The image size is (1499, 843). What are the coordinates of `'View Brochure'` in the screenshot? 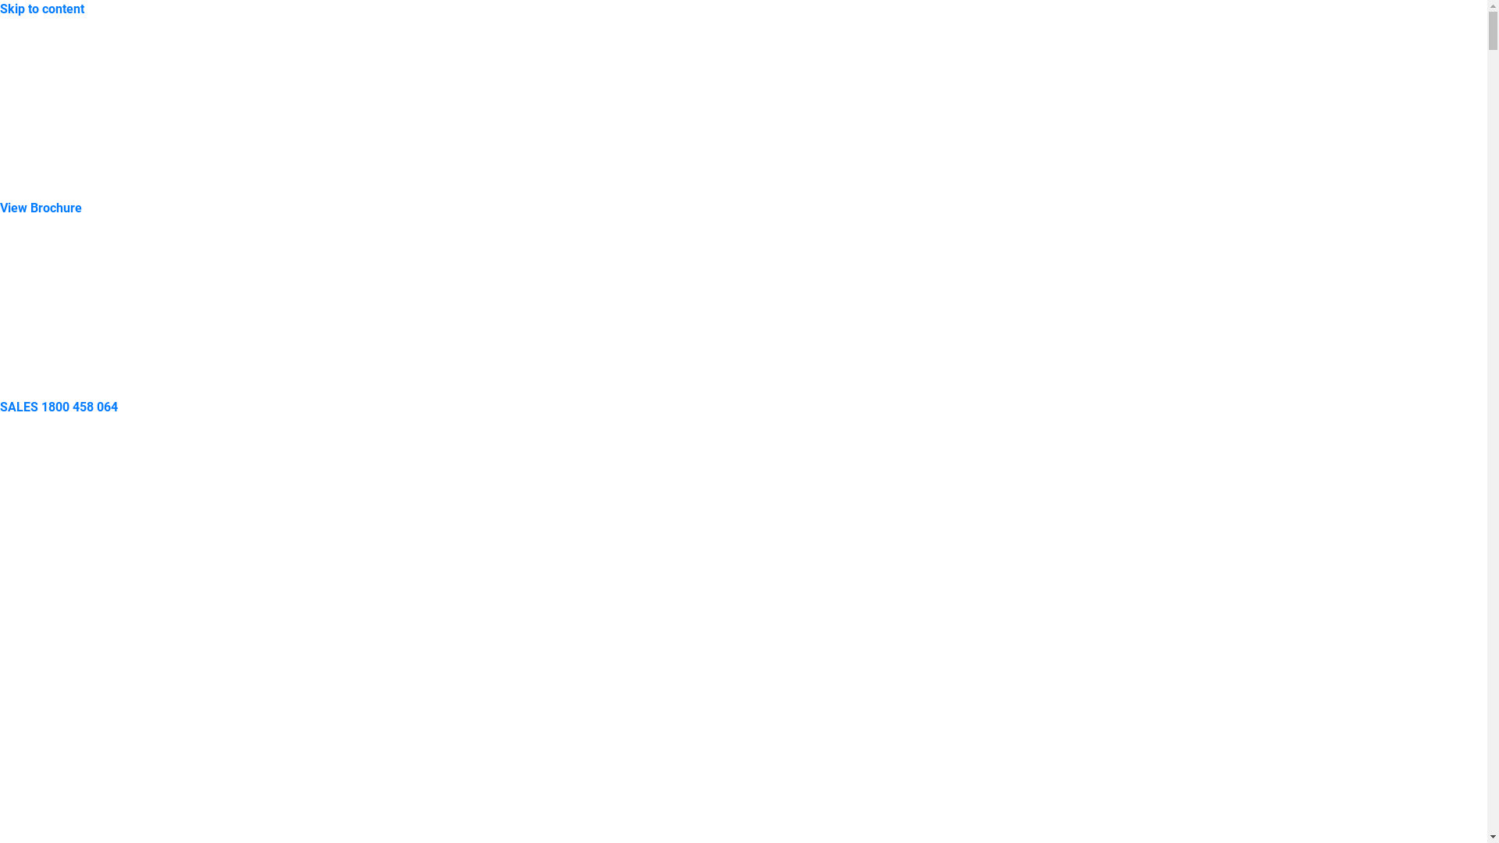 It's located at (41, 207).